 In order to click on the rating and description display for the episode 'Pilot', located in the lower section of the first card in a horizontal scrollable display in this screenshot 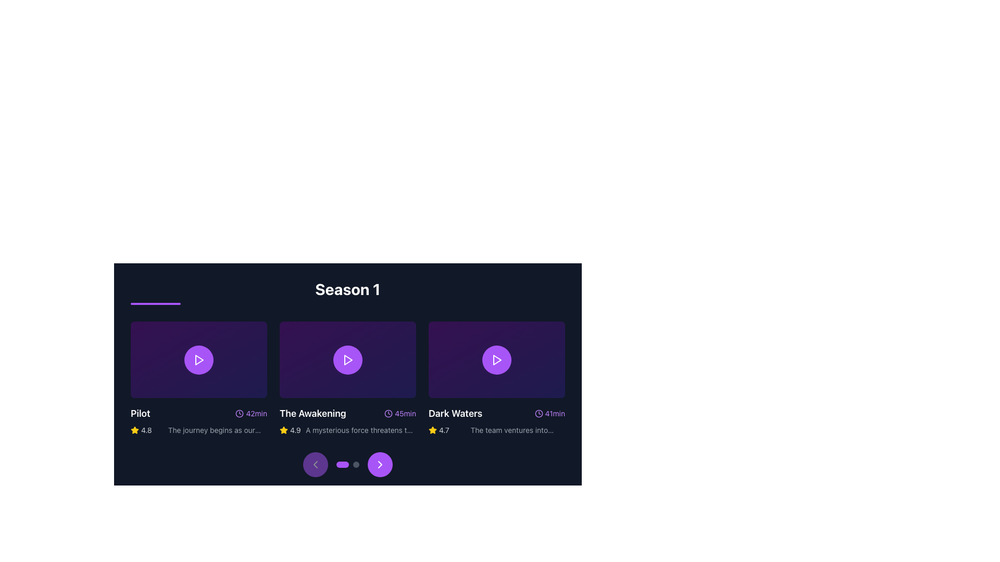, I will do `click(199, 430)`.